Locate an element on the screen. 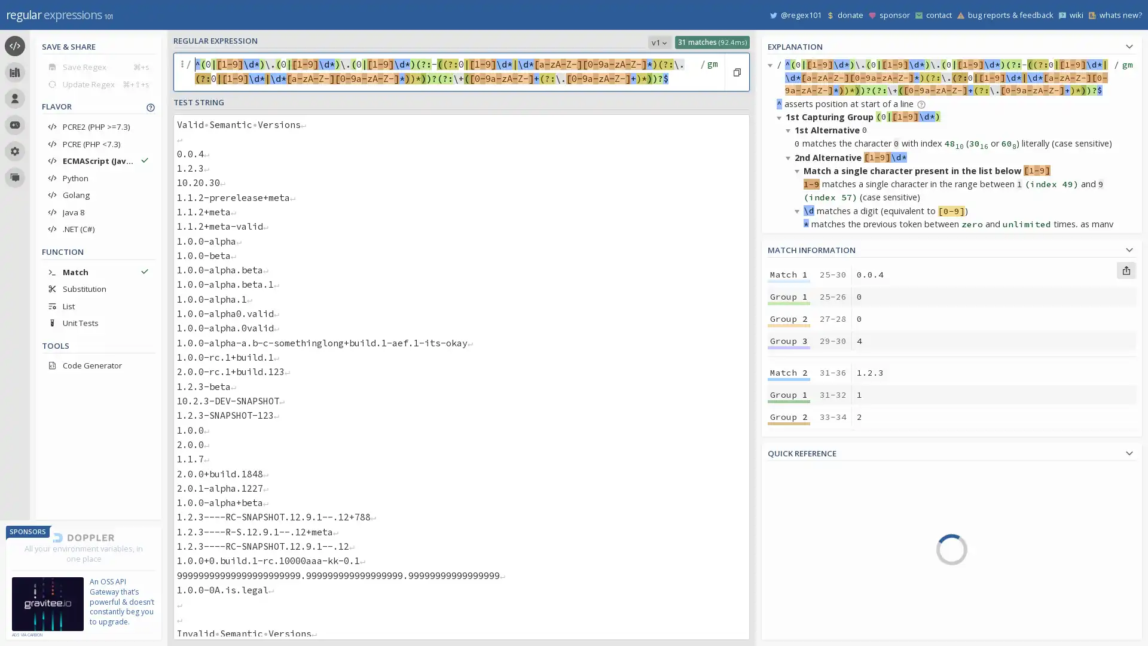  Change delimiter is located at coordinates (183, 72).